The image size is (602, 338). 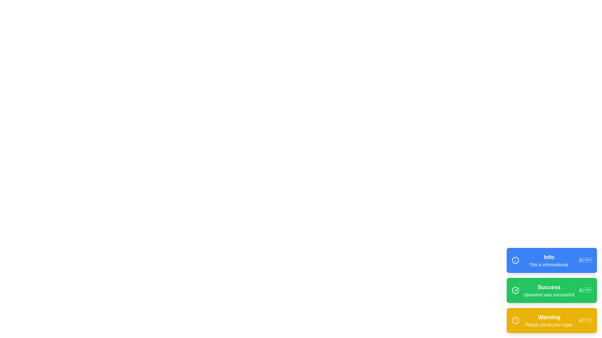 What do you see at coordinates (549, 287) in the screenshot?
I see `'Success' label element, which is displayed in bold white text on a green background, located in the second notification box in the alert notifications stack` at bounding box center [549, 287].